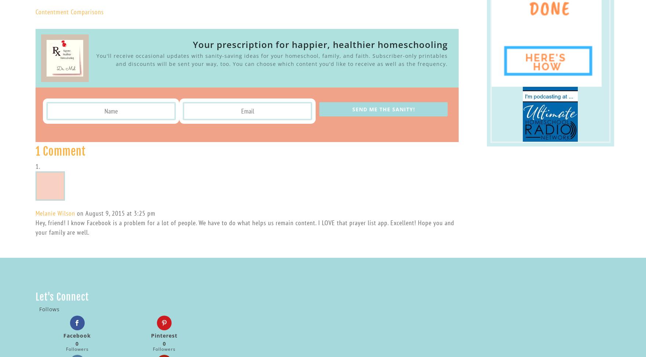  What do you see at coordinates (244, 227) in the screenshot?
I see `'Hey, friend! I know Facebook is a problem for a lot of people. We have to do what helps us remain content. I LOVE that prayer list app. Excellent! Hope you and your family are well.'` at bounding box center [244, 227].